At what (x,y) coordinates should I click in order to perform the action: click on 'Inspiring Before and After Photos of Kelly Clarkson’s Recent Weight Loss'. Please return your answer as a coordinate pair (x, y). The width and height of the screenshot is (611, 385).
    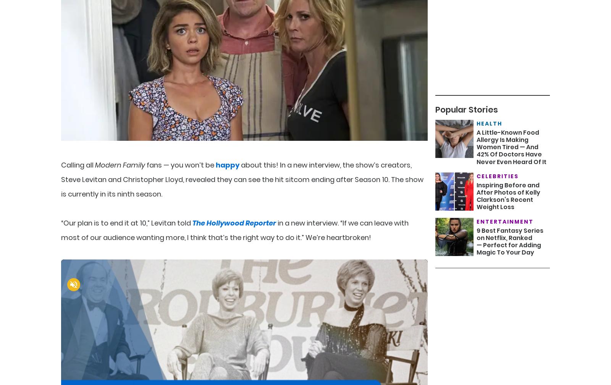
    Looking at the image, I should click on (508, 196).